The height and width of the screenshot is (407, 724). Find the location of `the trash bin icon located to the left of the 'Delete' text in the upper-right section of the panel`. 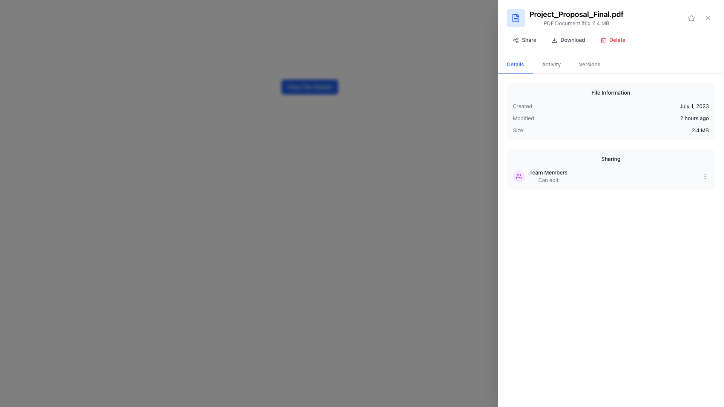

the trash bin icon located to the left of the 'Delete' text in the upper-right section of the panel is located at coordinates (603, 40).